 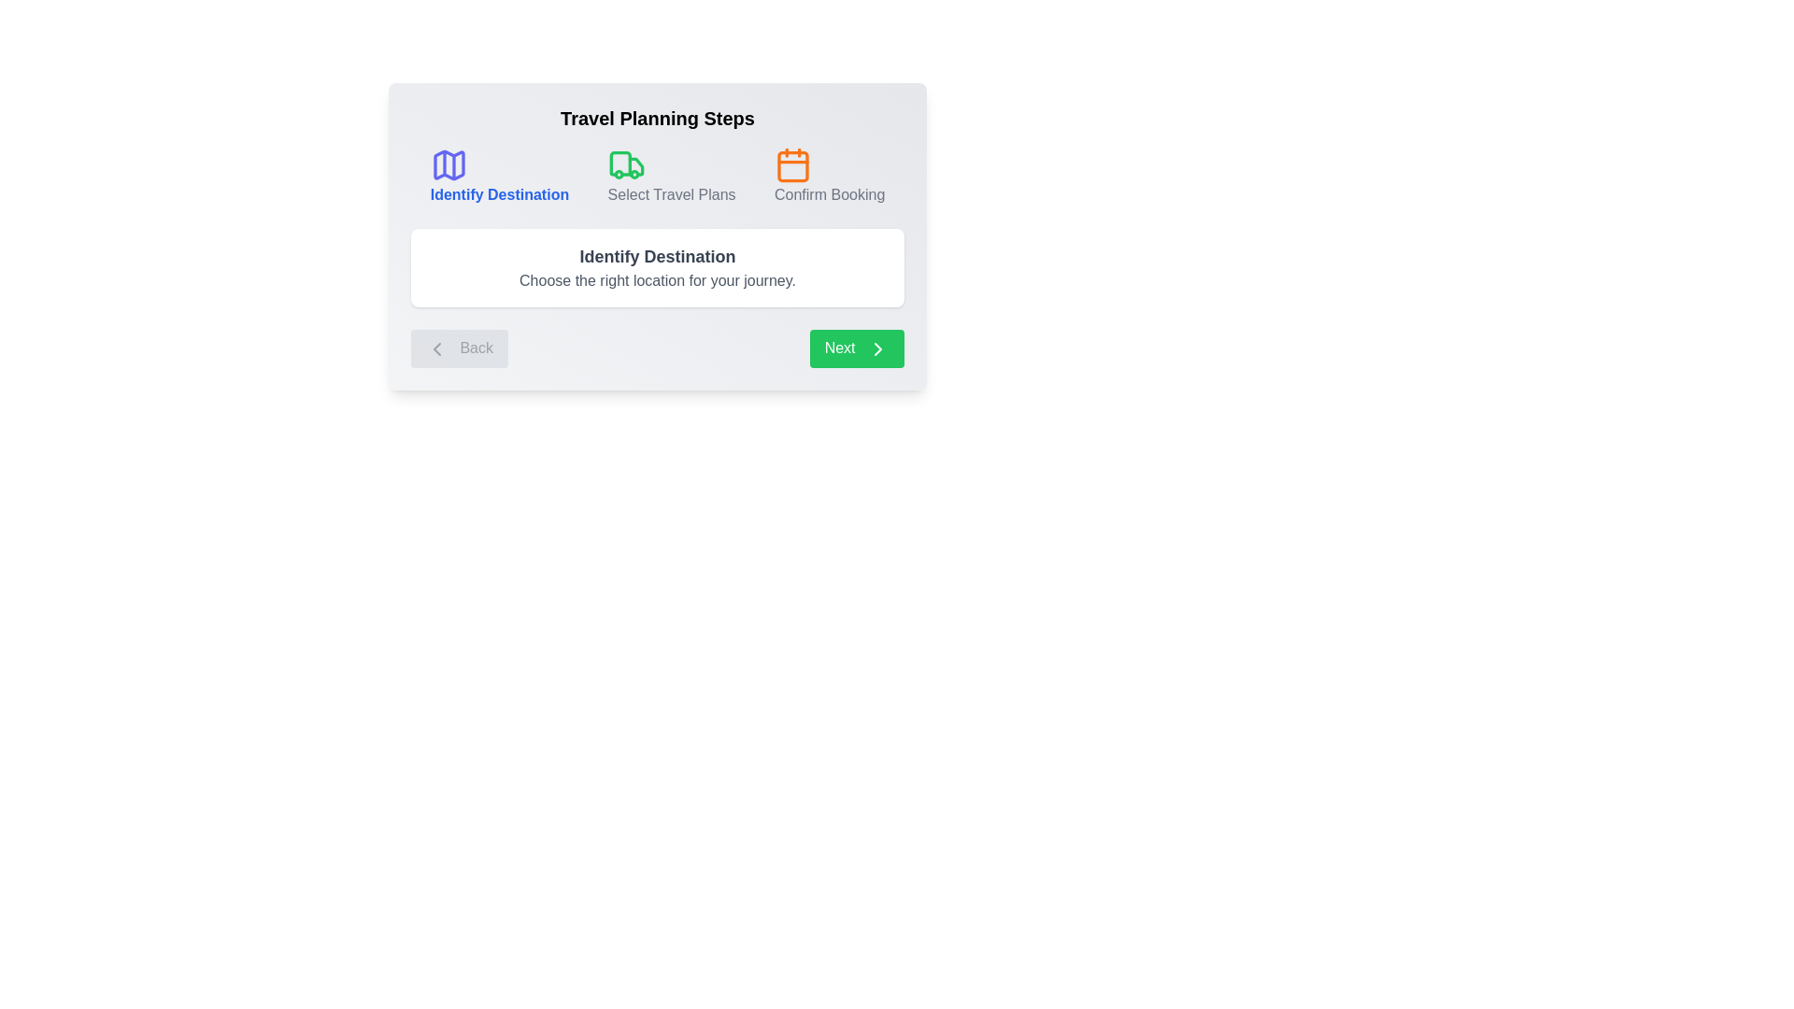 I want to click on the 'Identify Destination' icon in the step navigation bar at the top of the interface, so click(x=448, y=164).